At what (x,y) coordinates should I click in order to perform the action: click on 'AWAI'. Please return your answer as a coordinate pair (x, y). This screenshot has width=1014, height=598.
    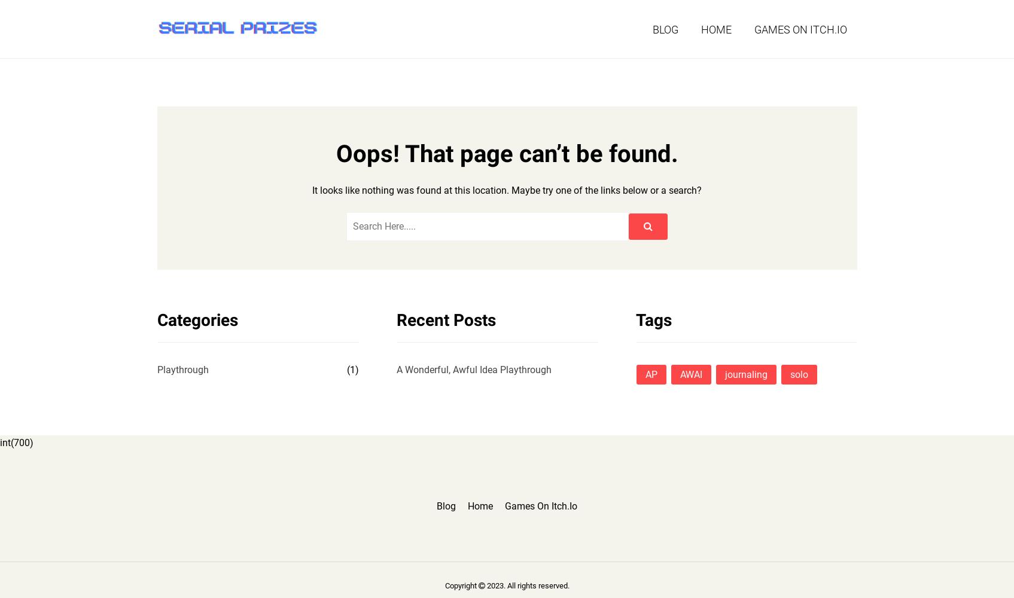
    Looking at the image, I should click on (690, 374).